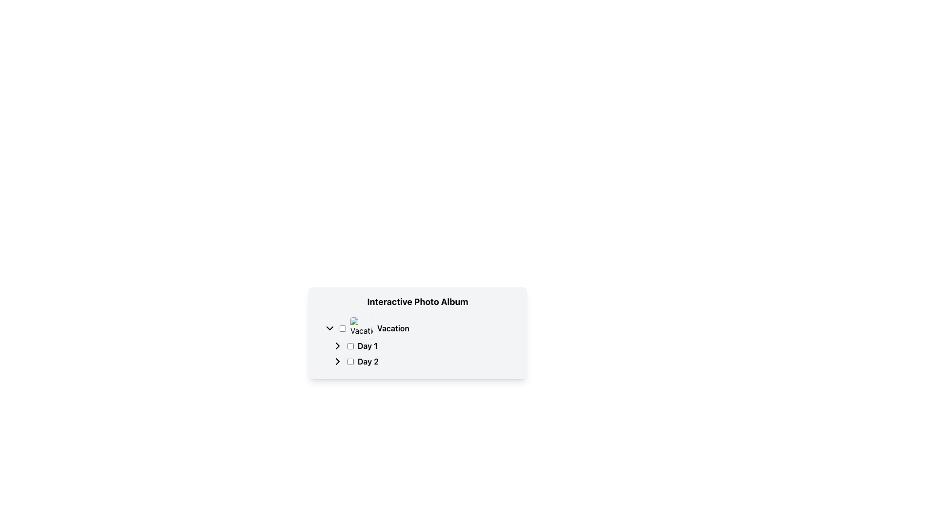 The image size is (937, 527). I want to click on the static text label displaying 'Day 1', which is part of the 'Vacation' section in the 'Interactive Photo Album' interface, located to the right of a checkbox and an expand/collapse triangle icon, so click(367, 345).